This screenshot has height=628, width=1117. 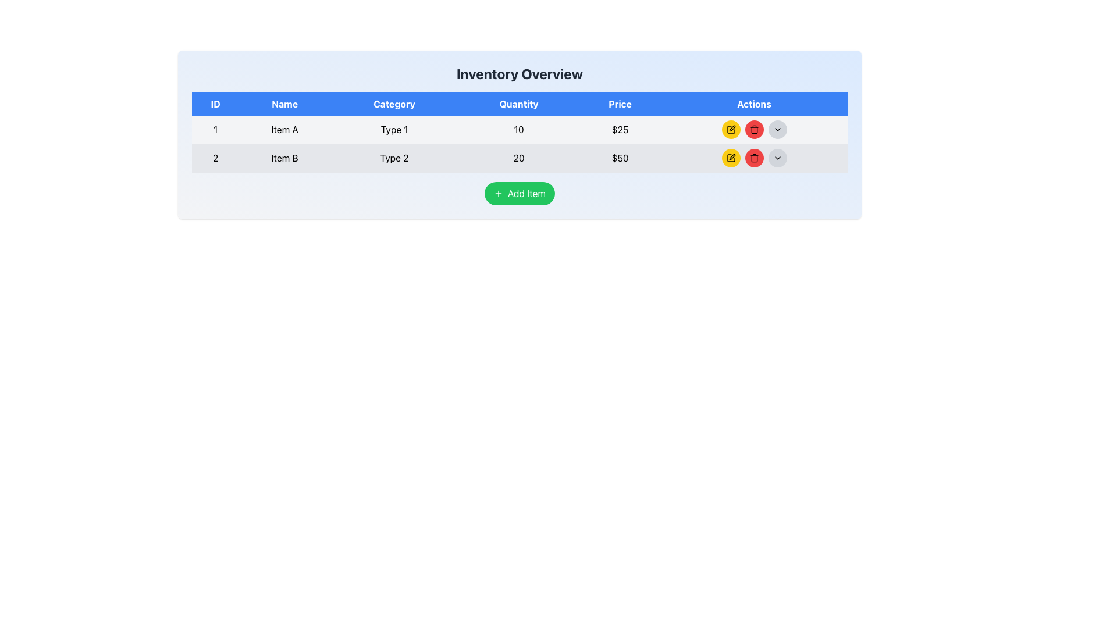 I want to click on the circular red button with a trash icon located in the Actions column of the first table row, so click(x=754, y=130).